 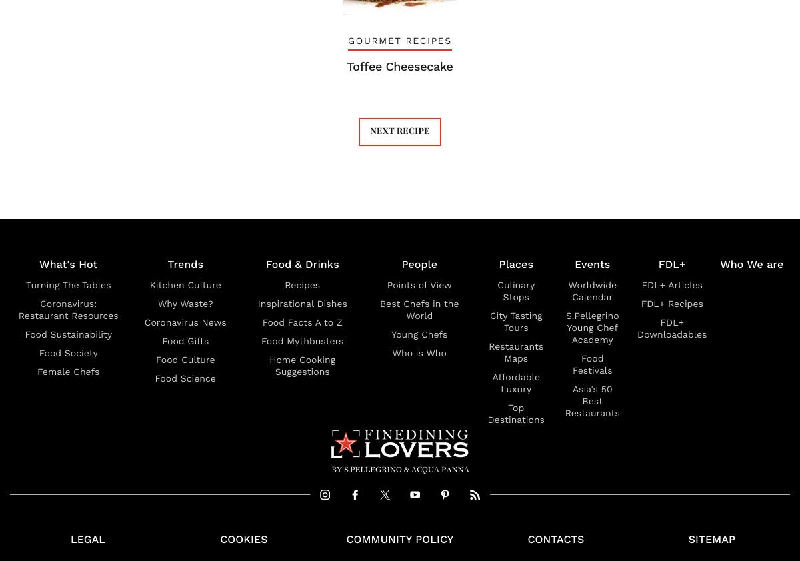 What do you see at coordinates (68, 334) in the screenshot?
I see `'Food Sustainability'` at bounding box center [68, 334].